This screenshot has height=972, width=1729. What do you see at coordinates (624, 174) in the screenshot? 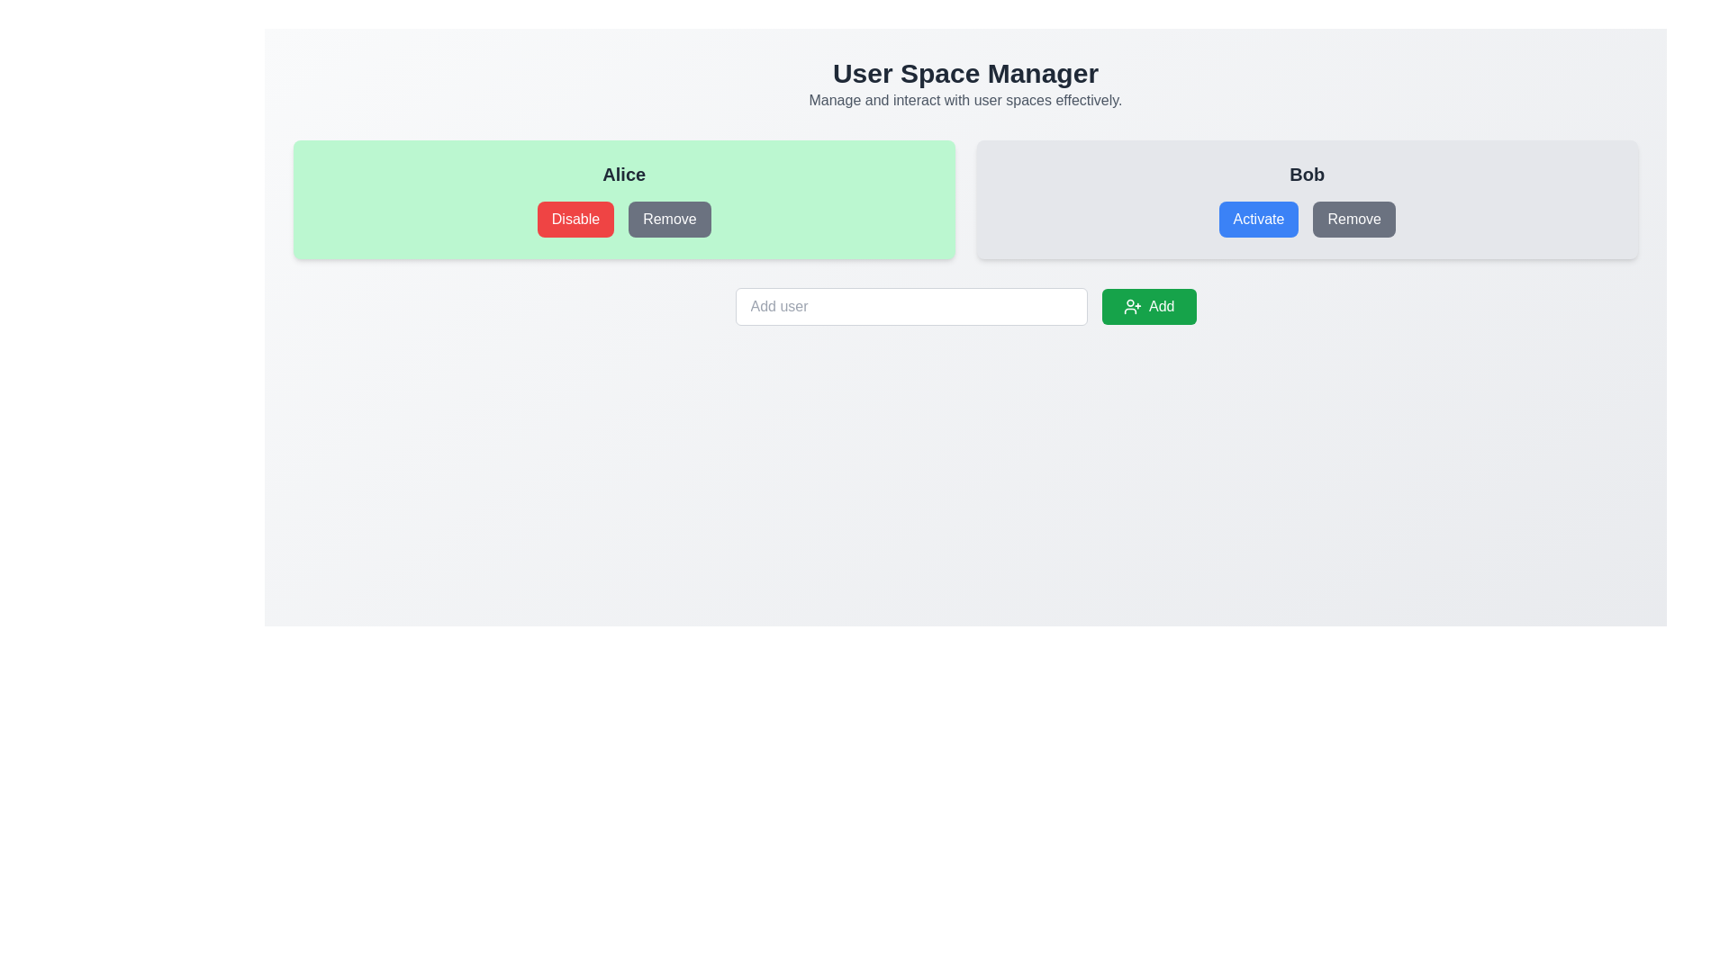
I see `the static text label displaying the name 'Alice', which is positioned at the top center of a pale green panel, above the 'Disable' and 'Remove' buttons` at bounding box center [624, 174].